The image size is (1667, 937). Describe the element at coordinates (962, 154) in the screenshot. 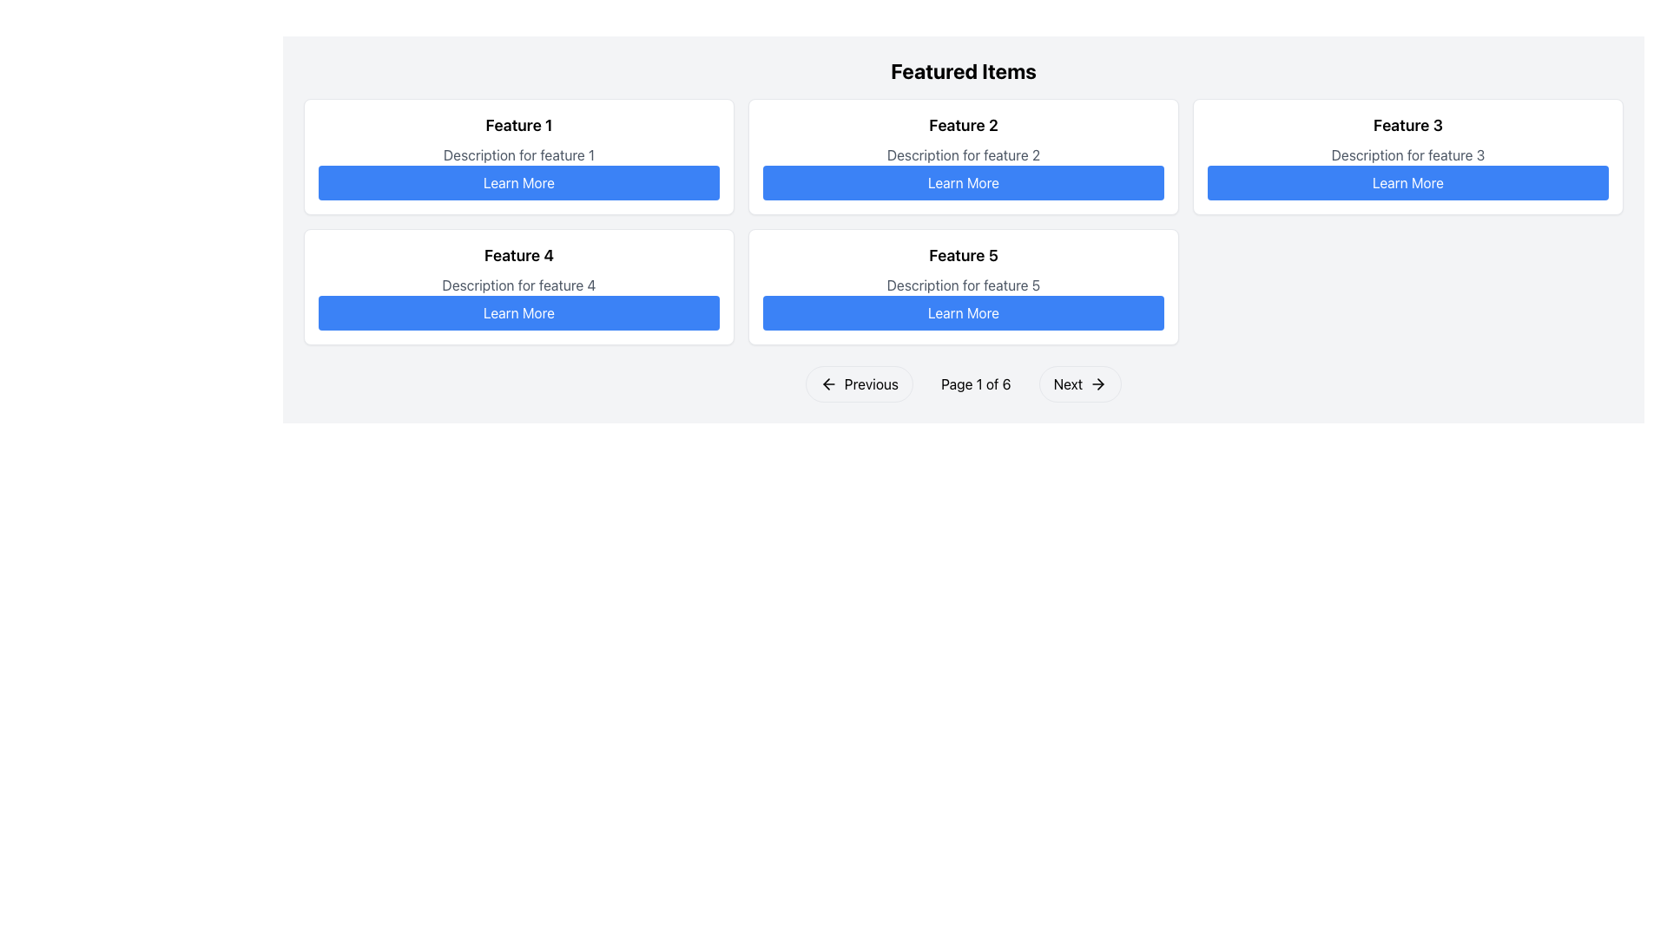

I see `the text label displaying 'Description for feature 2', which is located between the title 'Feature 2' and the 'Learn More' button` at that location.